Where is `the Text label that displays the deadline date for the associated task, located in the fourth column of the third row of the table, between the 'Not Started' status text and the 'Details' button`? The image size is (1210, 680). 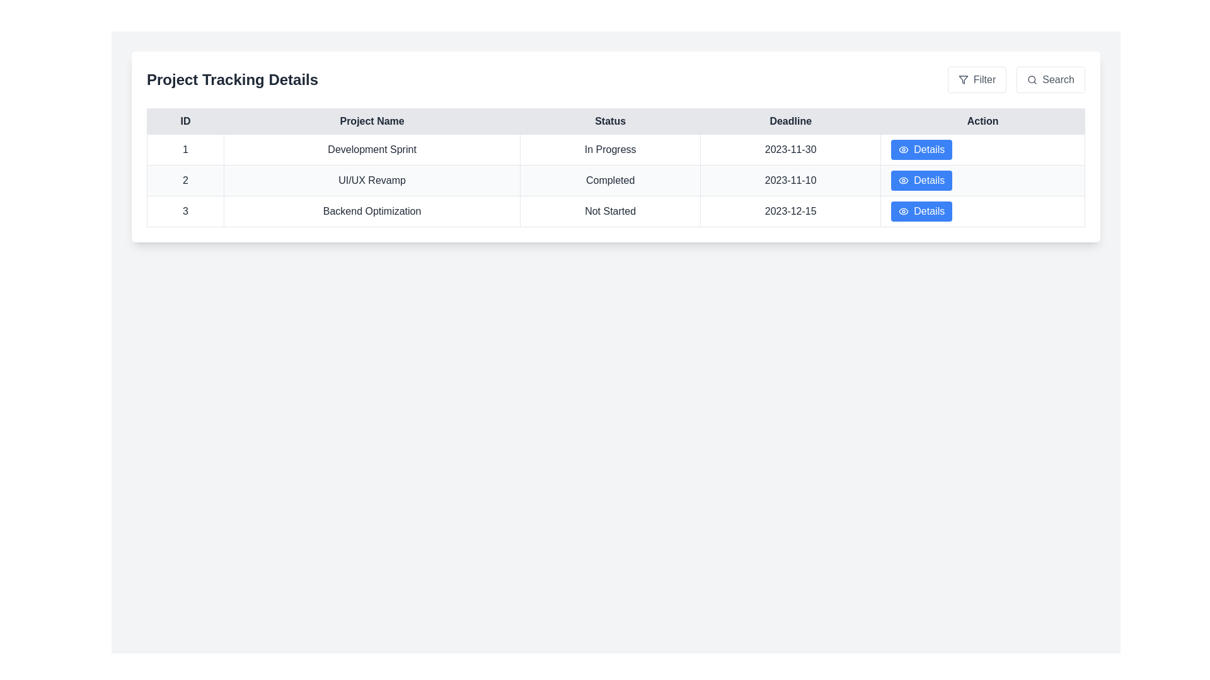
the Text label that displays the deadline date for the associated task, located in the fourth column of the third row of the table, between the 'Not Started' status text and the 'Details' button is located at coordinates (790, 210).